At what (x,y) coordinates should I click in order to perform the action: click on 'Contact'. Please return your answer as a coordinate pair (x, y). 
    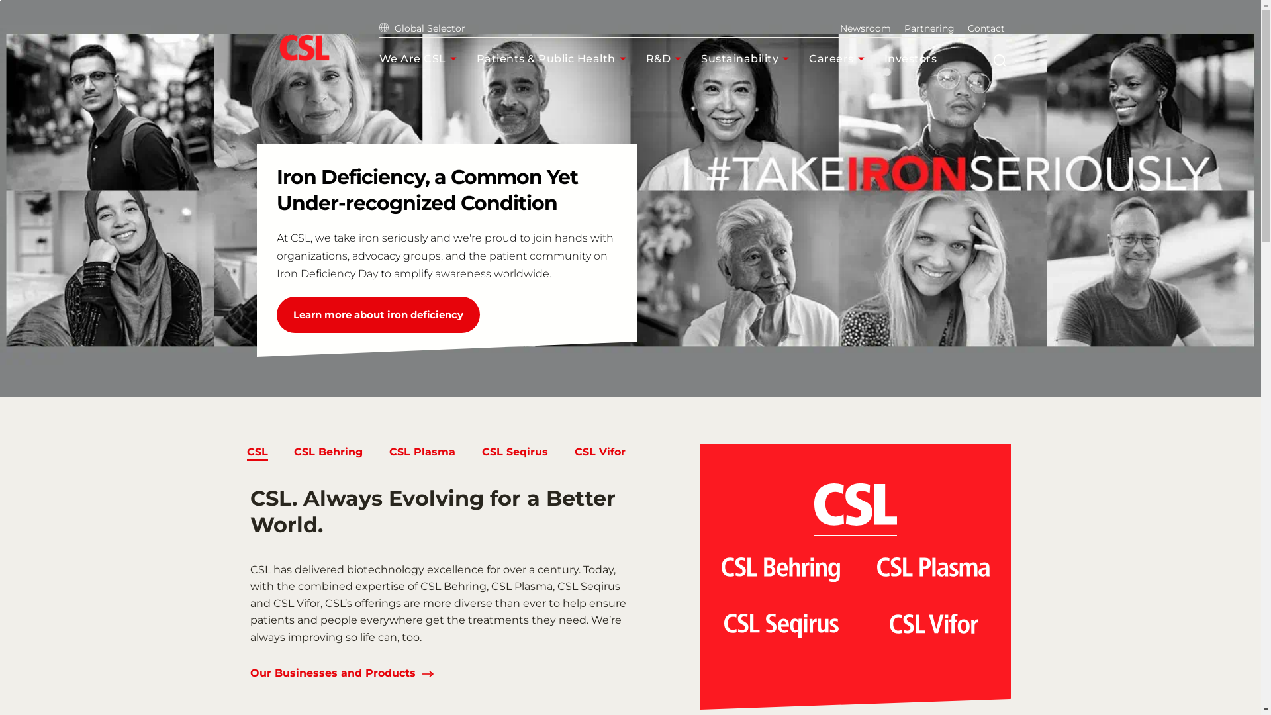
    Looking at the image, I should click on (968, 28).